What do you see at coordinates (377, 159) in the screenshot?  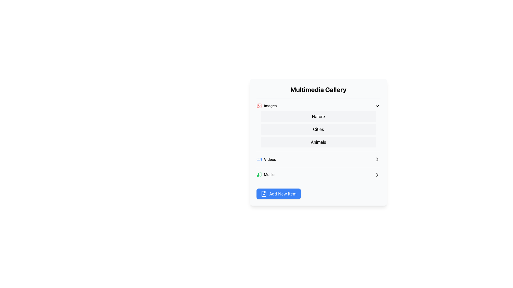 I see `the right-pointing chevron icon, which is aligned with the 'Videos' label` at bounding box center [377, 159].